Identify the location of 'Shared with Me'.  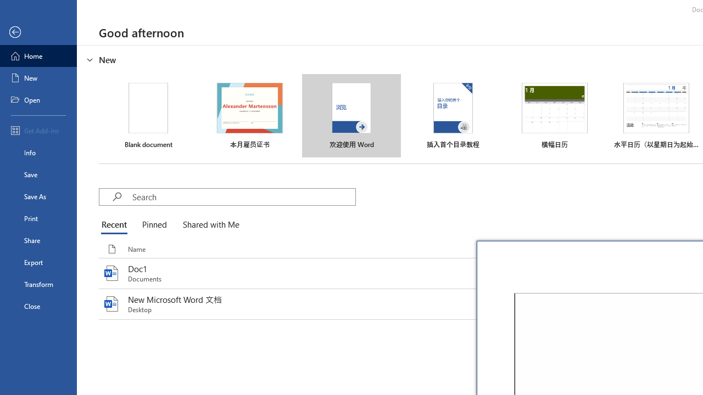
(209, 225).